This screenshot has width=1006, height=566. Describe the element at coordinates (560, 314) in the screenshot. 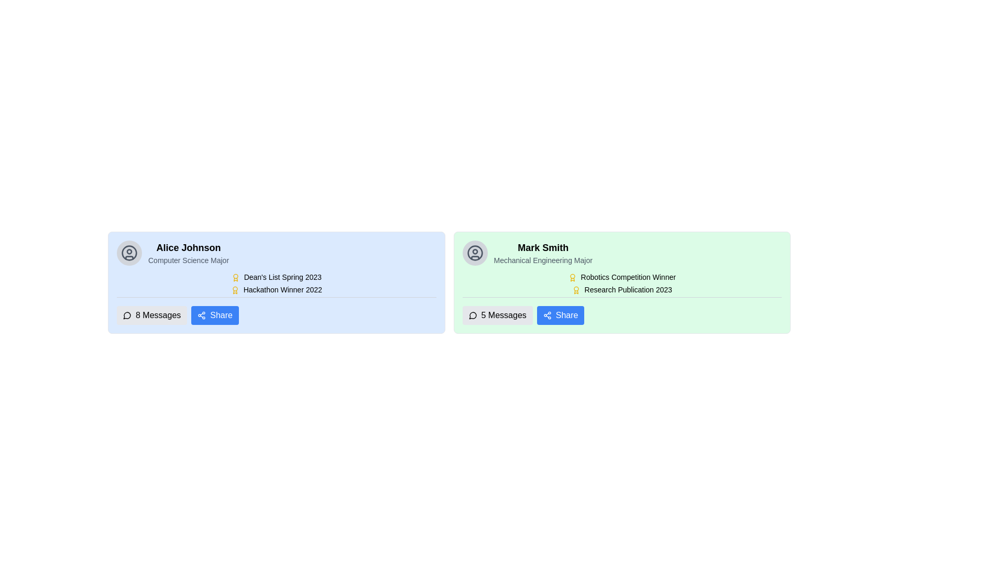

I see `the second button in the '5 Messages Share' section` at that location.